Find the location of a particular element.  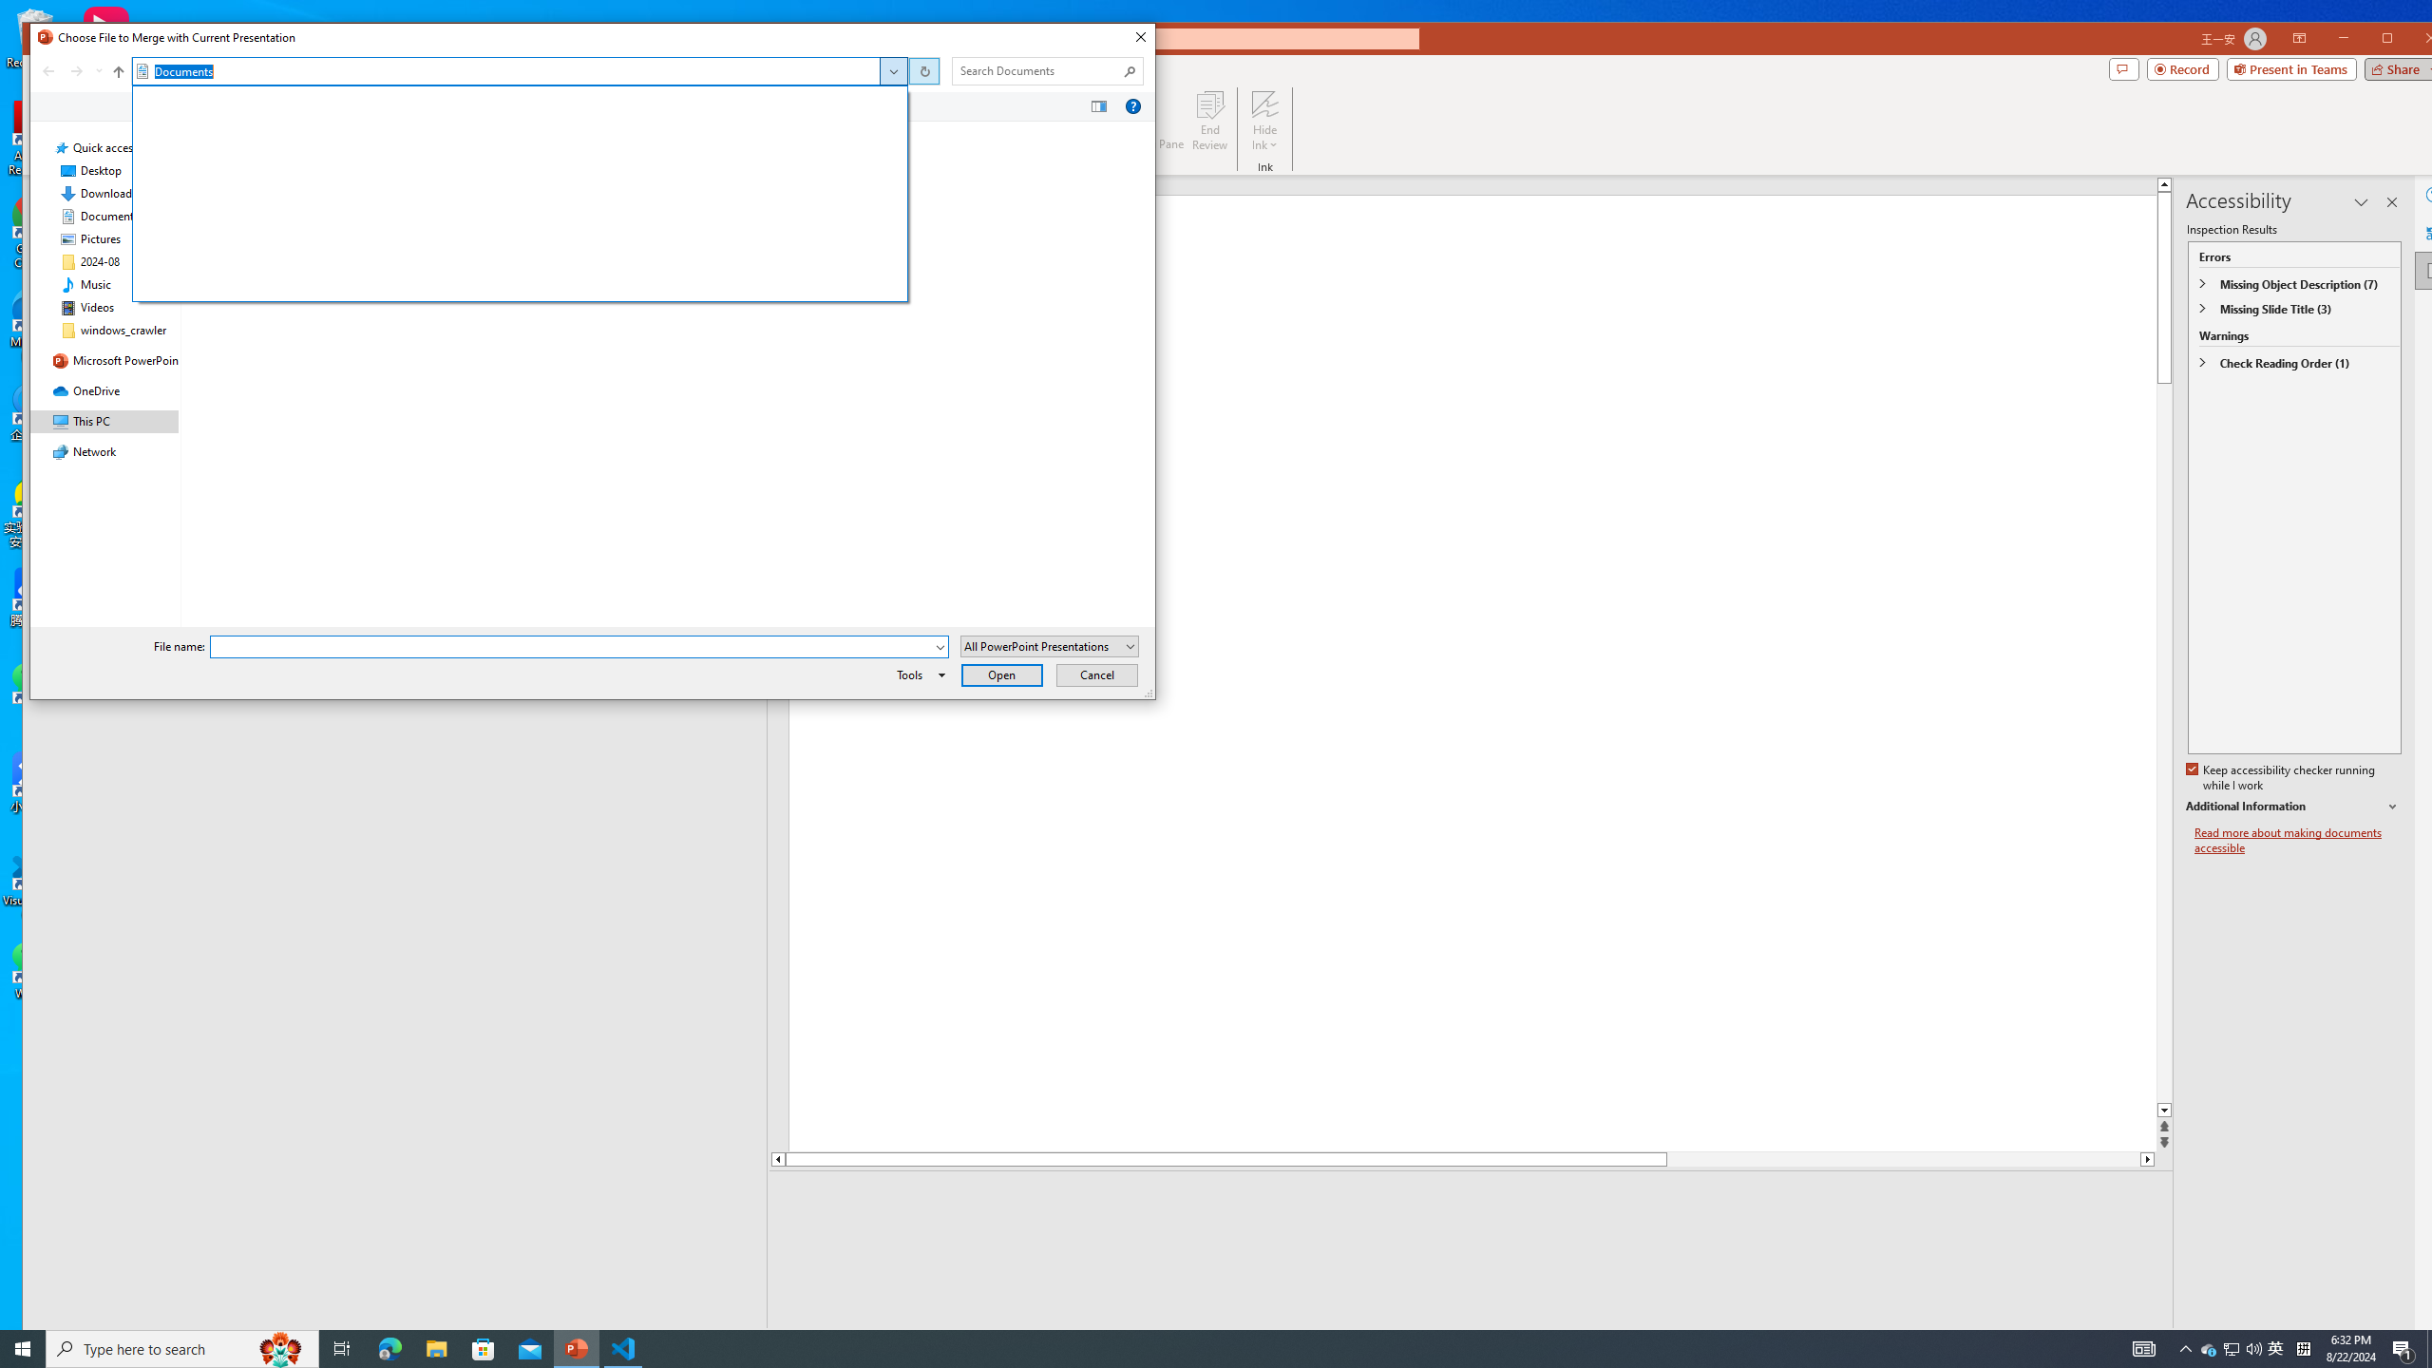

'Address' is located at coordinates (519, 69).